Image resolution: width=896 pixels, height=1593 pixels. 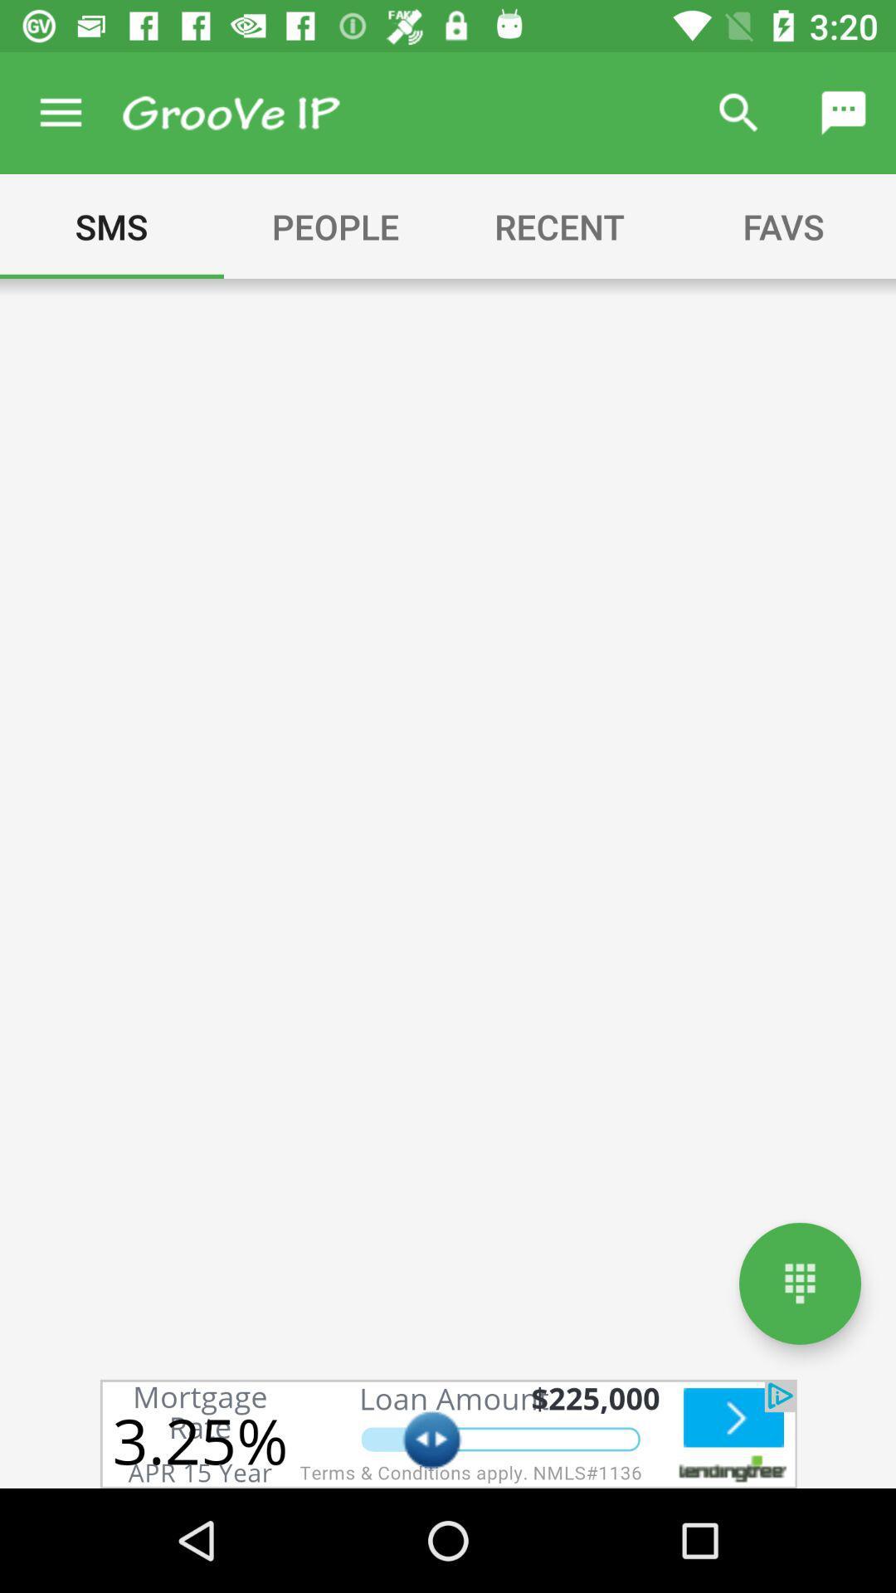 What do you see at coordinates (448, 1433) in the screenshot?
I see `advertisement` at bounding box center [448, 1433].